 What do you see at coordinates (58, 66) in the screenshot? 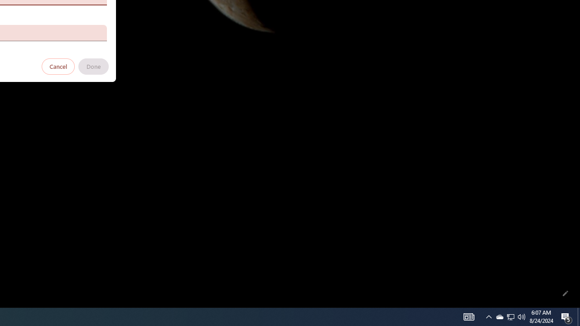
I see `'Cancel'` at bounding box center [58, 66].